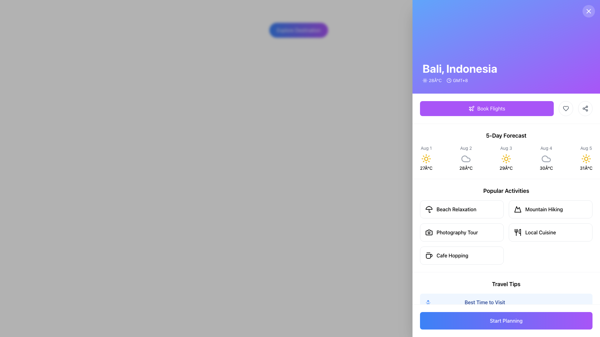 The width and height of the screenshot is (600, 337). What do you see at coordinates (435, 80) in the screenshot?
I see `the temperature display text element which shows the current temperature in degrees Celsius, located at the top-left corner of the interface beside an icon` at bounding box center [435, 80].